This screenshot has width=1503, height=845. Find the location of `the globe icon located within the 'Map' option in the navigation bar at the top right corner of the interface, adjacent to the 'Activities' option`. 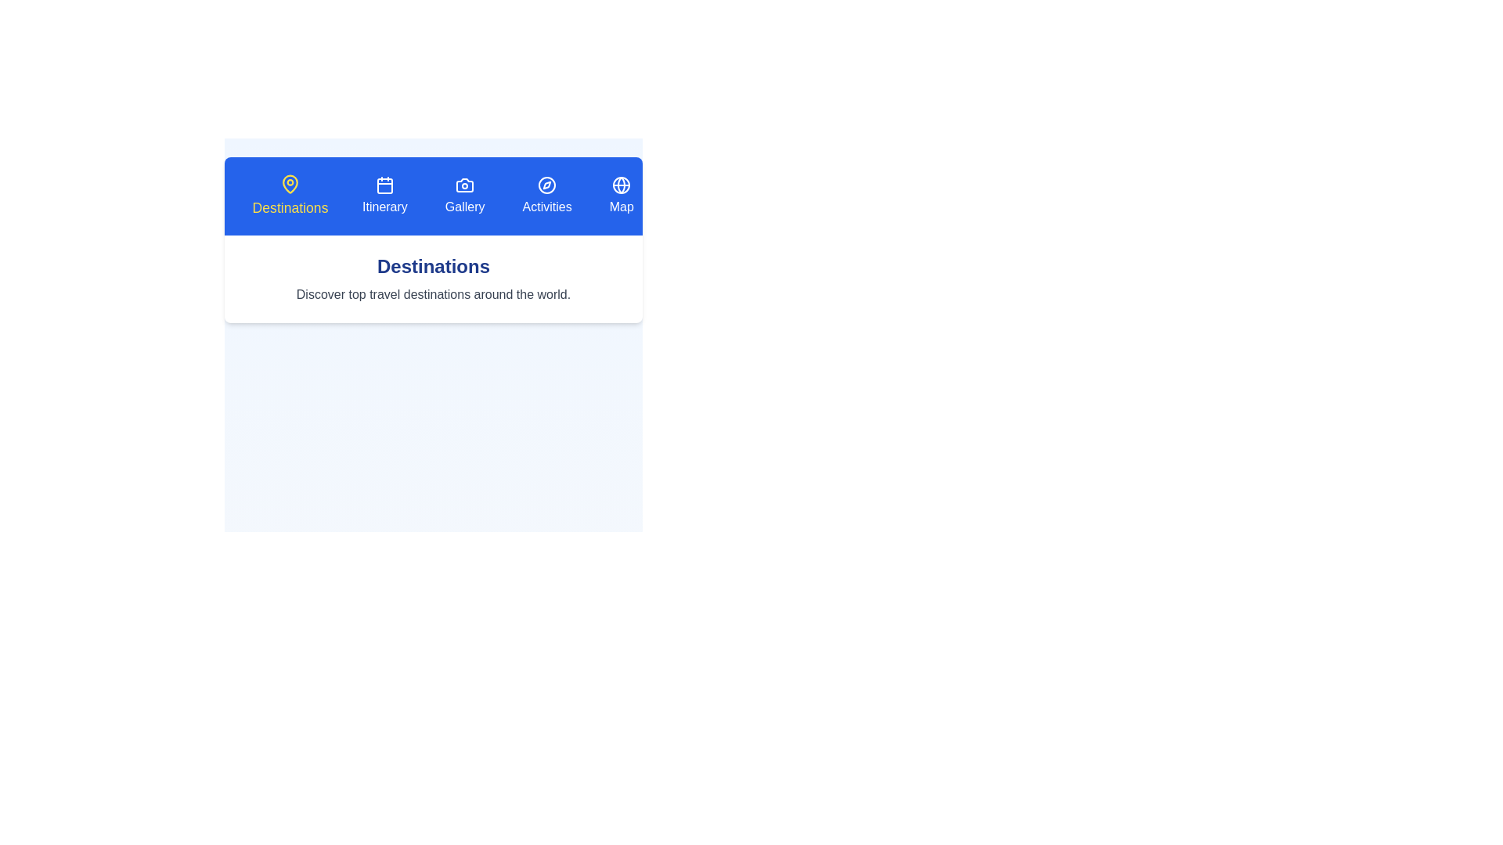

the globe icon located within the 'Map' option in the navigation bar at the top right corner of the interface, adjacent to the 'Activities' option is located at coordinates (621, 184).